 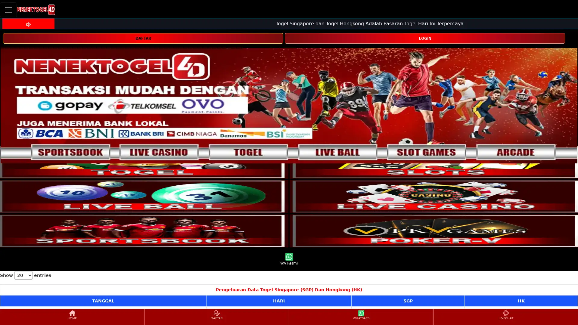 I want to click on LOGIN, so click(x=424, y=38).